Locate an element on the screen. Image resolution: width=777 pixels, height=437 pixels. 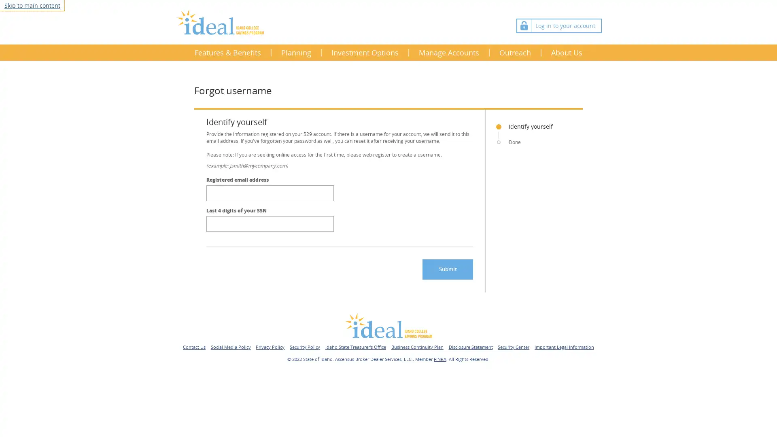
Submit is located at coordinates (447, 269).